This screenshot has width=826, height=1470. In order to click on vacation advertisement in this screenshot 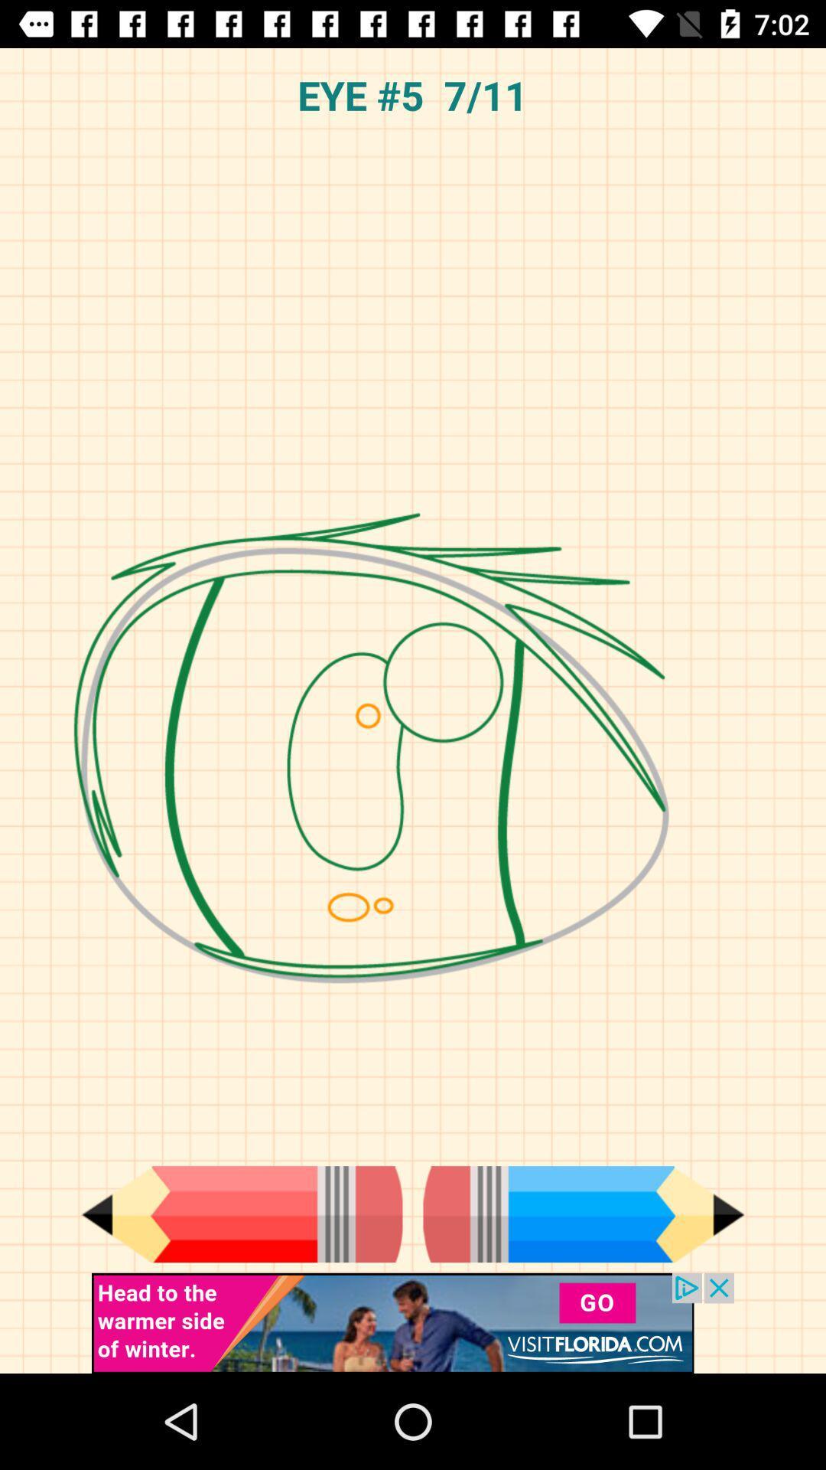, I will do `click(413, 1322)`.